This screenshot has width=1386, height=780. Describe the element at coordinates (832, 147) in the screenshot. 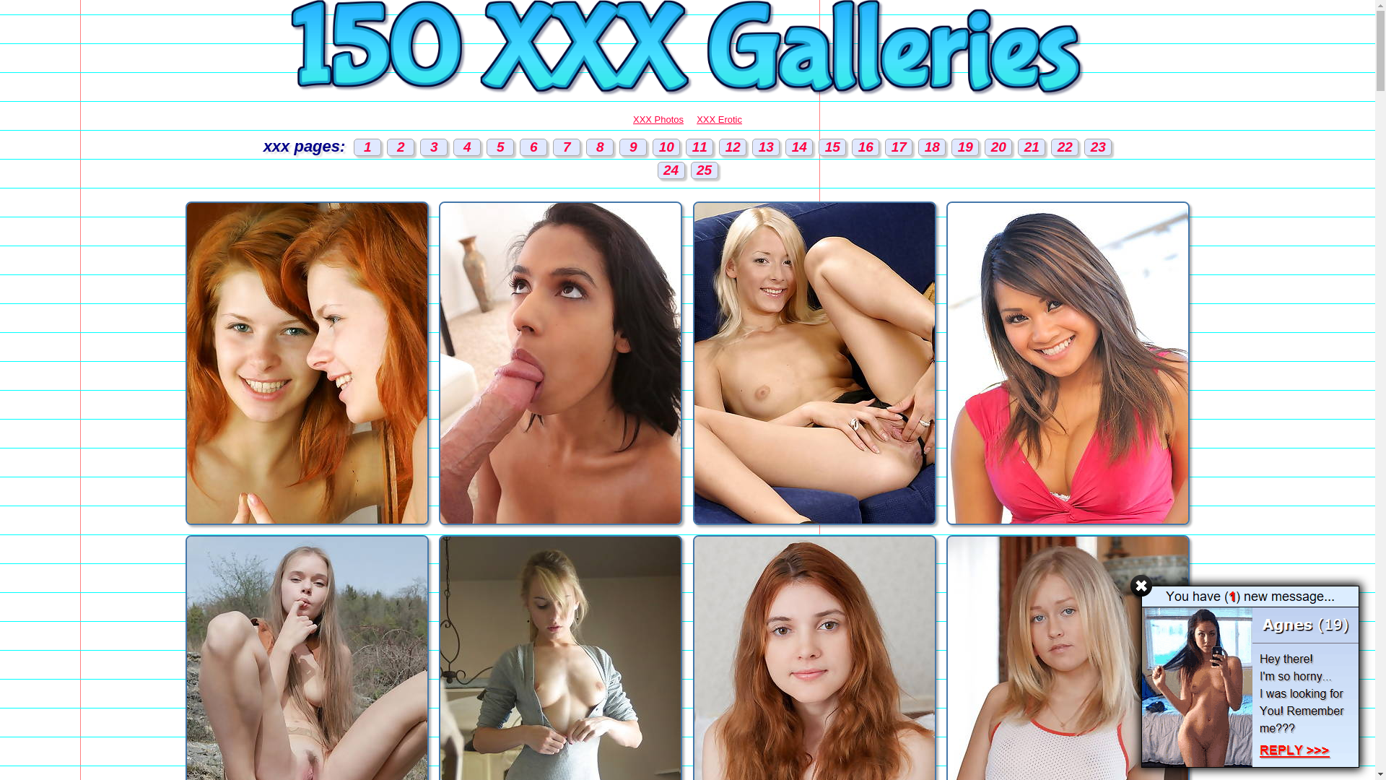

I see `'15'` at that location.